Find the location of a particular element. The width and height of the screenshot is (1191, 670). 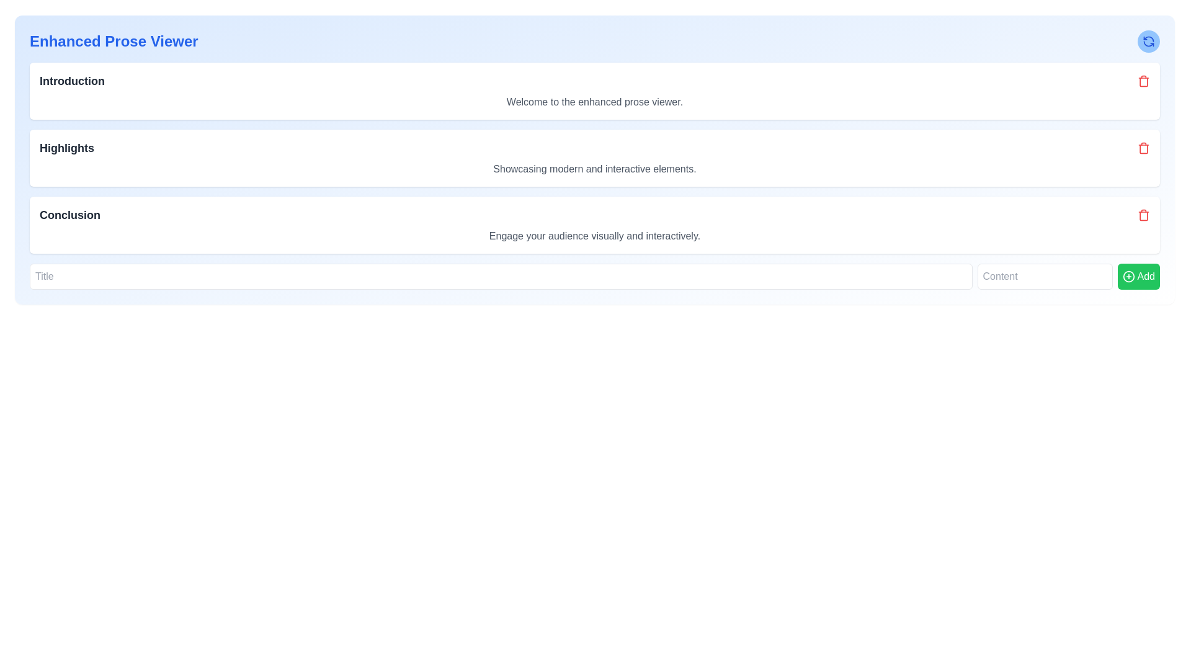

the delete icon button located on the right side of the interface to potentially display a highlight or tooltip is located at coordinates (1143, 148).